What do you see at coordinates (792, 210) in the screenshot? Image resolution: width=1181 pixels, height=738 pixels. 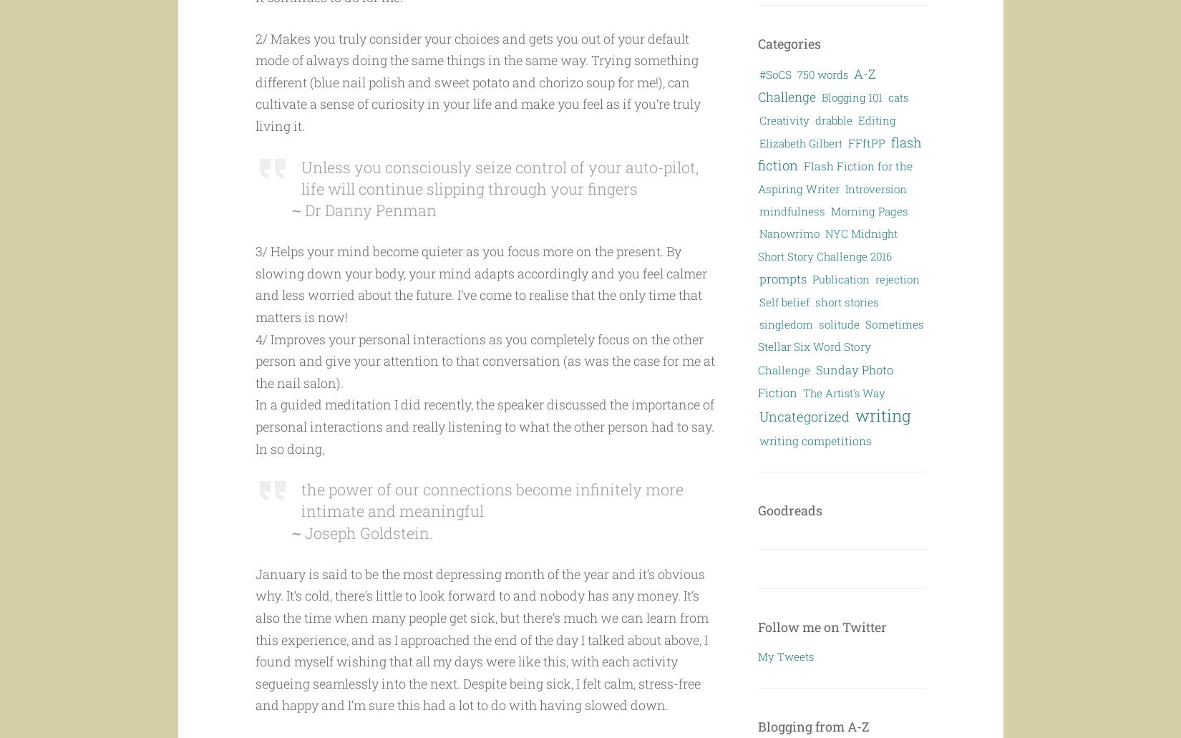 I see `'mindfulness'` at bounding box center [792, 210].